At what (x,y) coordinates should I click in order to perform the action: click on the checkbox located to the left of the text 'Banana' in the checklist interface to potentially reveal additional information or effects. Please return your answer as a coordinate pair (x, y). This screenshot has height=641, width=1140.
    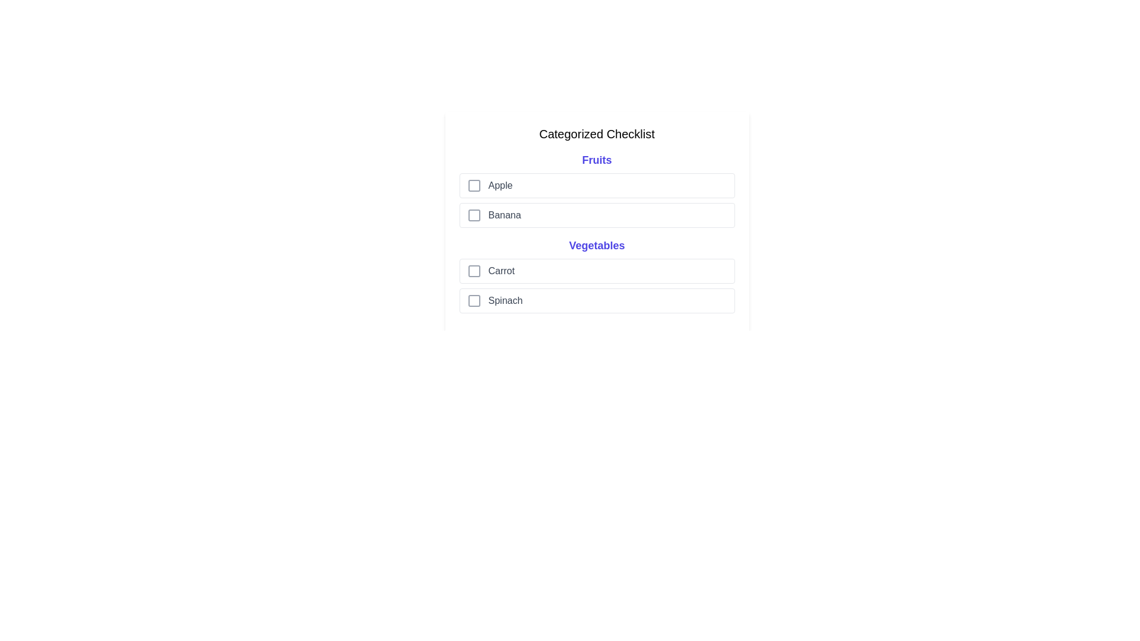
    Looking at the image, I should click on (473, 215).